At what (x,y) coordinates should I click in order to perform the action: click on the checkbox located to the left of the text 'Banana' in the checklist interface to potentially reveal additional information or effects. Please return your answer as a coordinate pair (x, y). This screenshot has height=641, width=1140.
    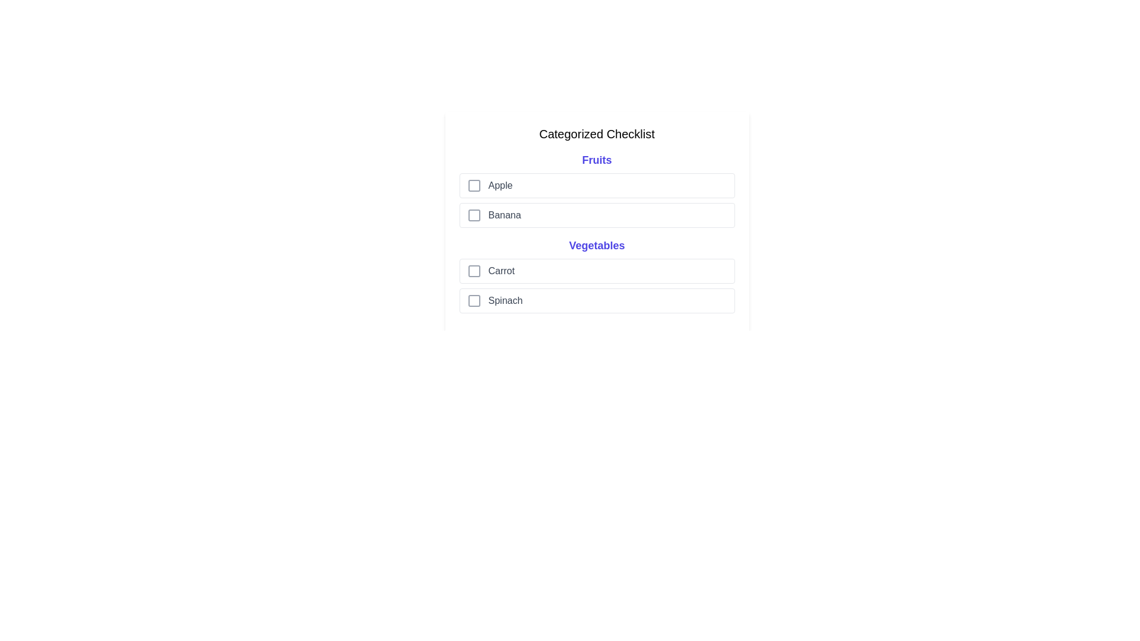
    Looking at the image, I should click on (473, 215).